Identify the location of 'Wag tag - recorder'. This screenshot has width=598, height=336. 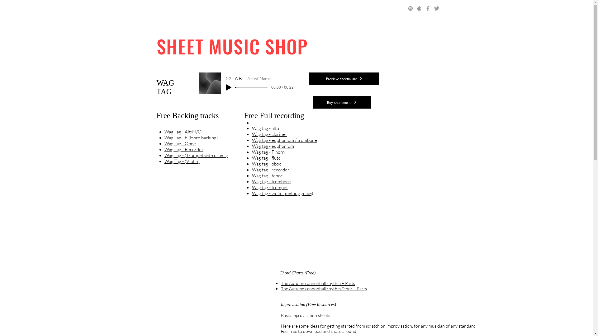
(270, 170).